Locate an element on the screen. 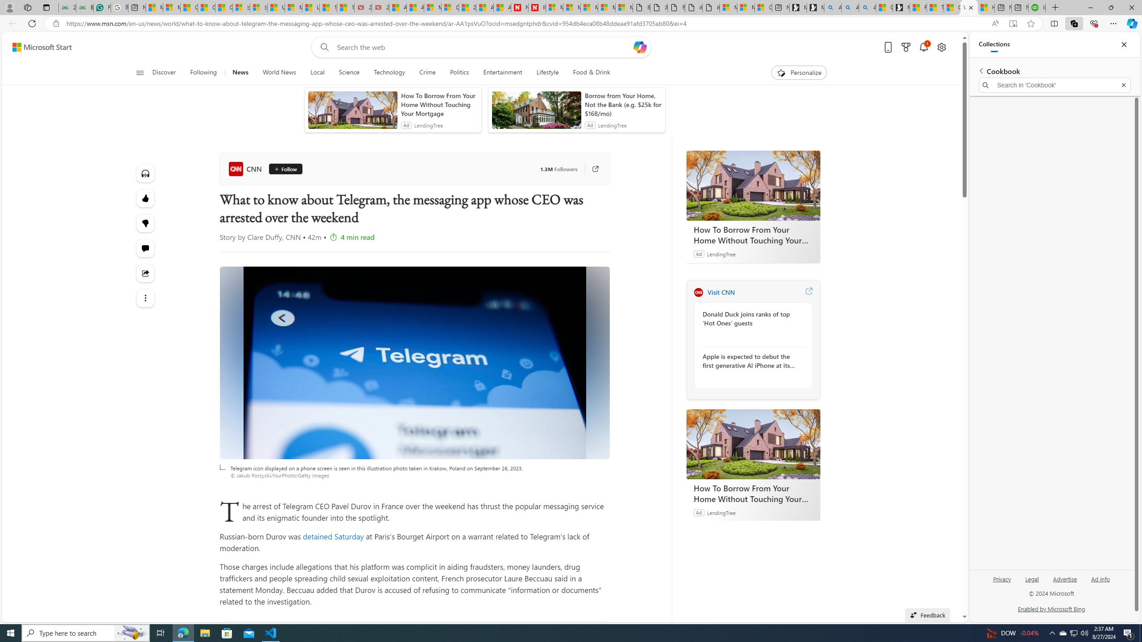  'Intuit QuickBooks Online - Quickbooks' is located at coordinates (1036, 7).